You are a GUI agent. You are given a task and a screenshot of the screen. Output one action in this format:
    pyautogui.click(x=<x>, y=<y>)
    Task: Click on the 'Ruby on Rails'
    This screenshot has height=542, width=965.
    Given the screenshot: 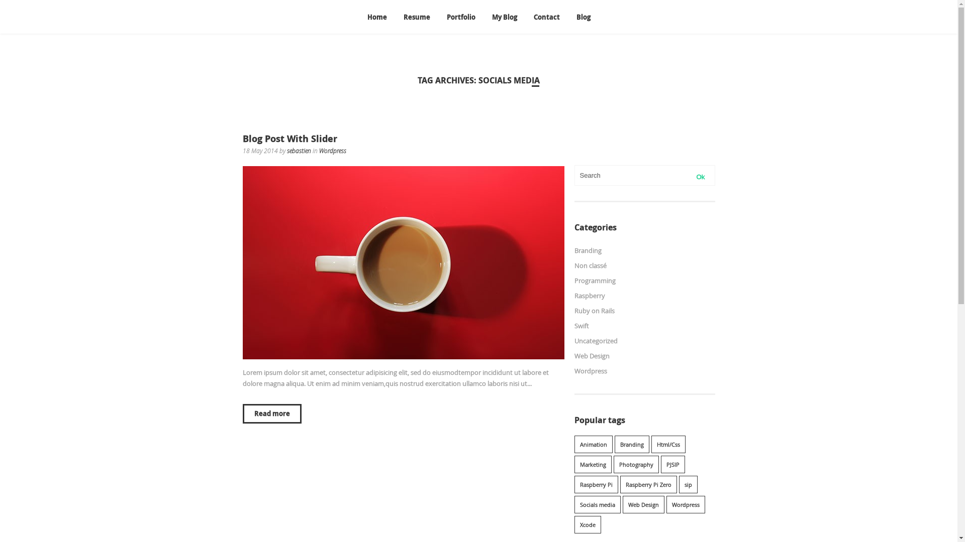 What is the action you would take?
    pyautogui.click(x=574, y=310)
    